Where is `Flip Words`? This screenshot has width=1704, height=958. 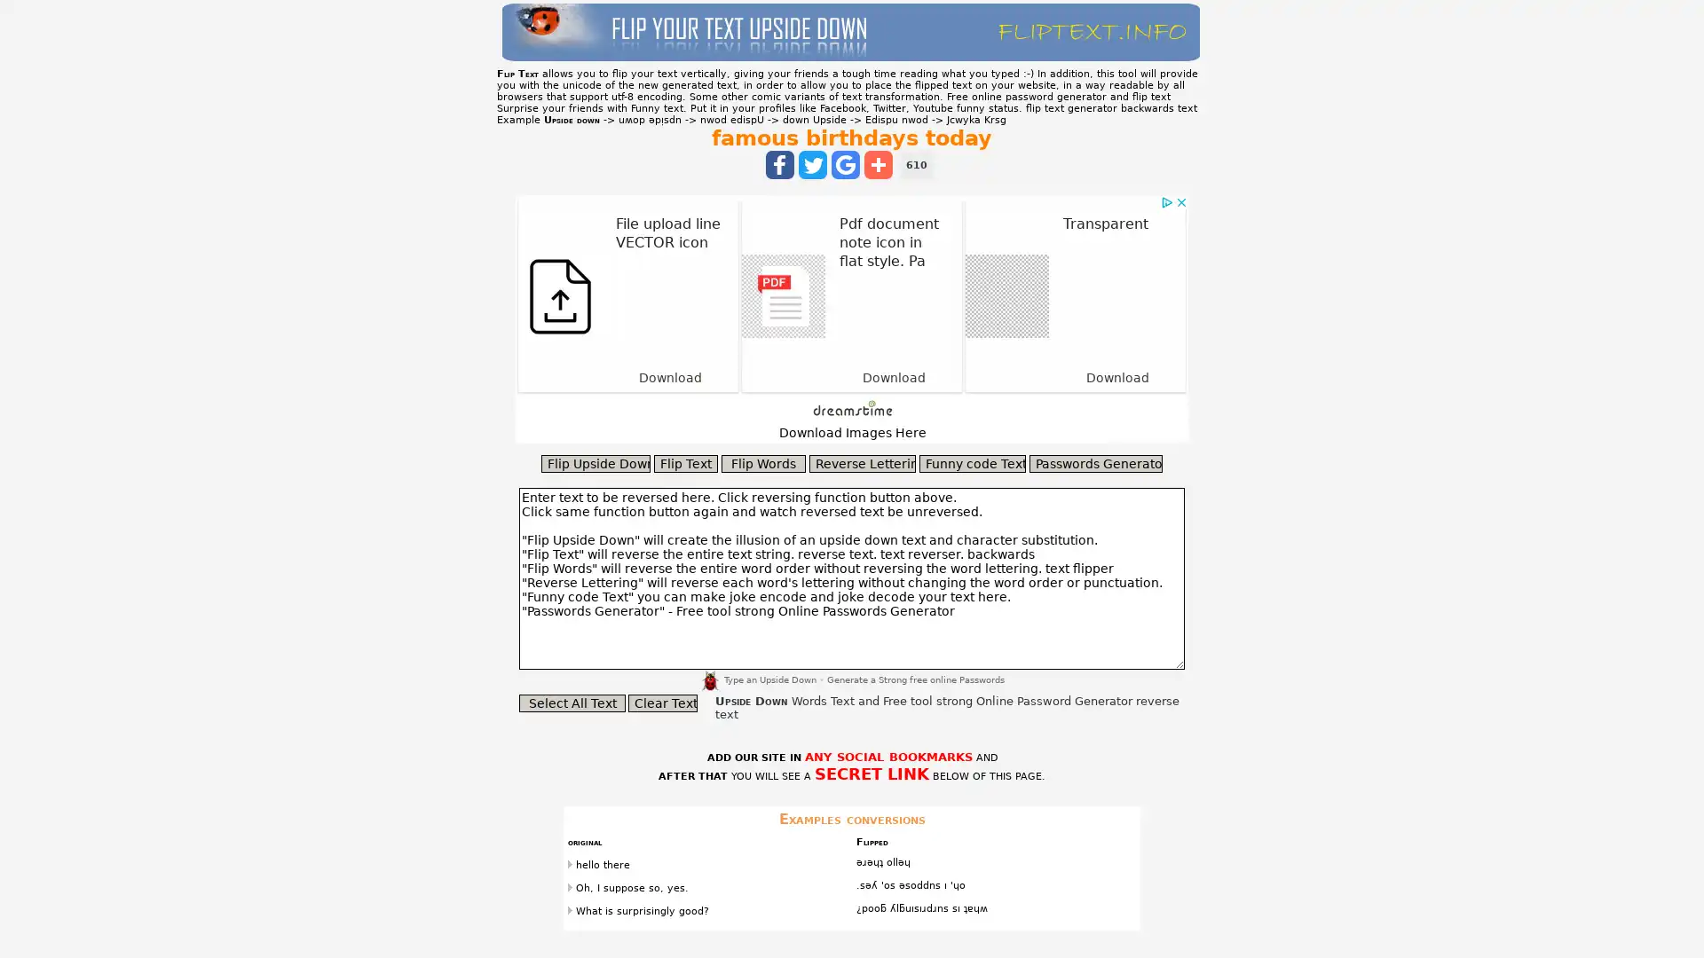
Flip Words is located at coordinates (763, 463).